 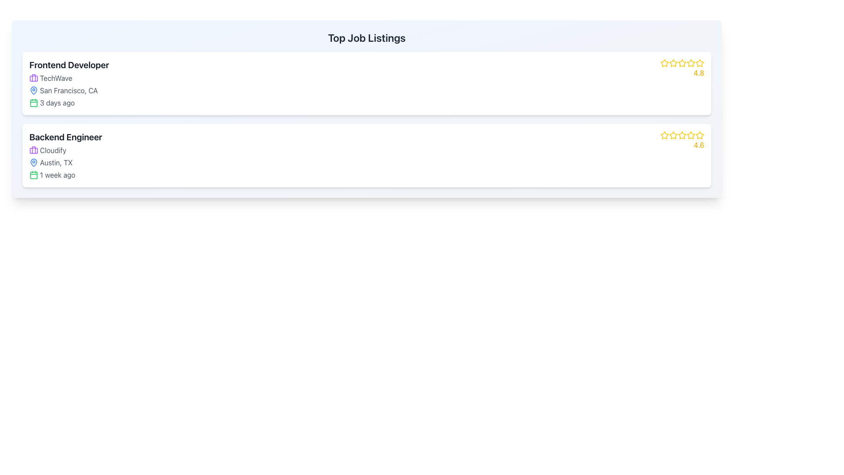 What do you see at coordinates (664, 62) in the screenshot?
I see `the first yellow star icon` at bounding box center [664, 62].